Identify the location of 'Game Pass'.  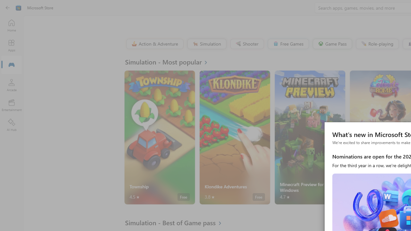
(332, 43).